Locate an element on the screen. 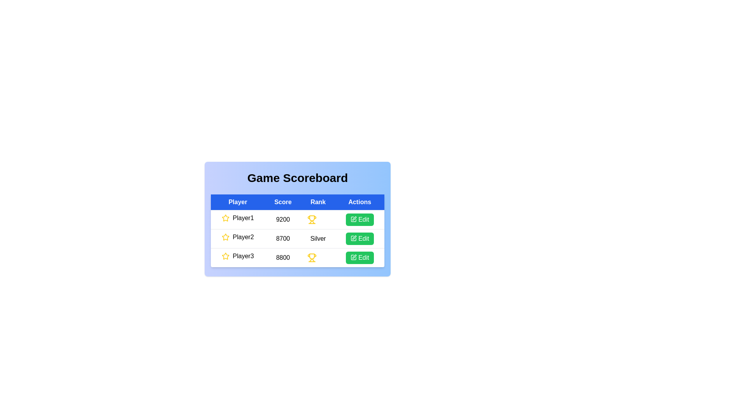 The height and width of the screenshot is (420, 747). the trophy icon for player 3 is located at coordinates (312, 258).